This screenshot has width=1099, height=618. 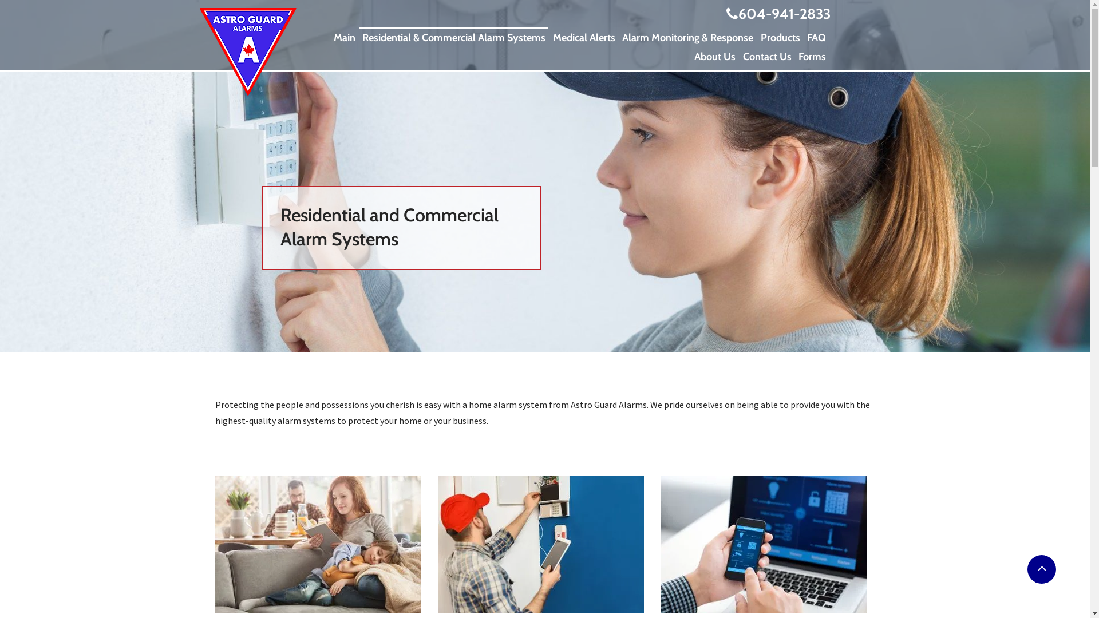 I want to click on 'Contact Us', so click(x=766, y=55).